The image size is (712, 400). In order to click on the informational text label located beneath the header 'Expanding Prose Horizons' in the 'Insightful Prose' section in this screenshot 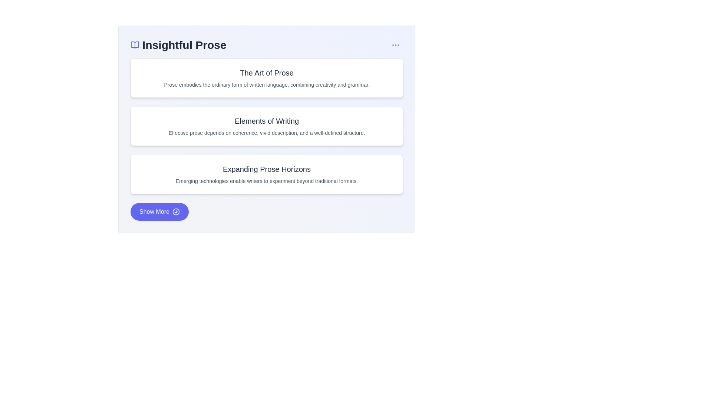, I will do `click(267, 181)`.